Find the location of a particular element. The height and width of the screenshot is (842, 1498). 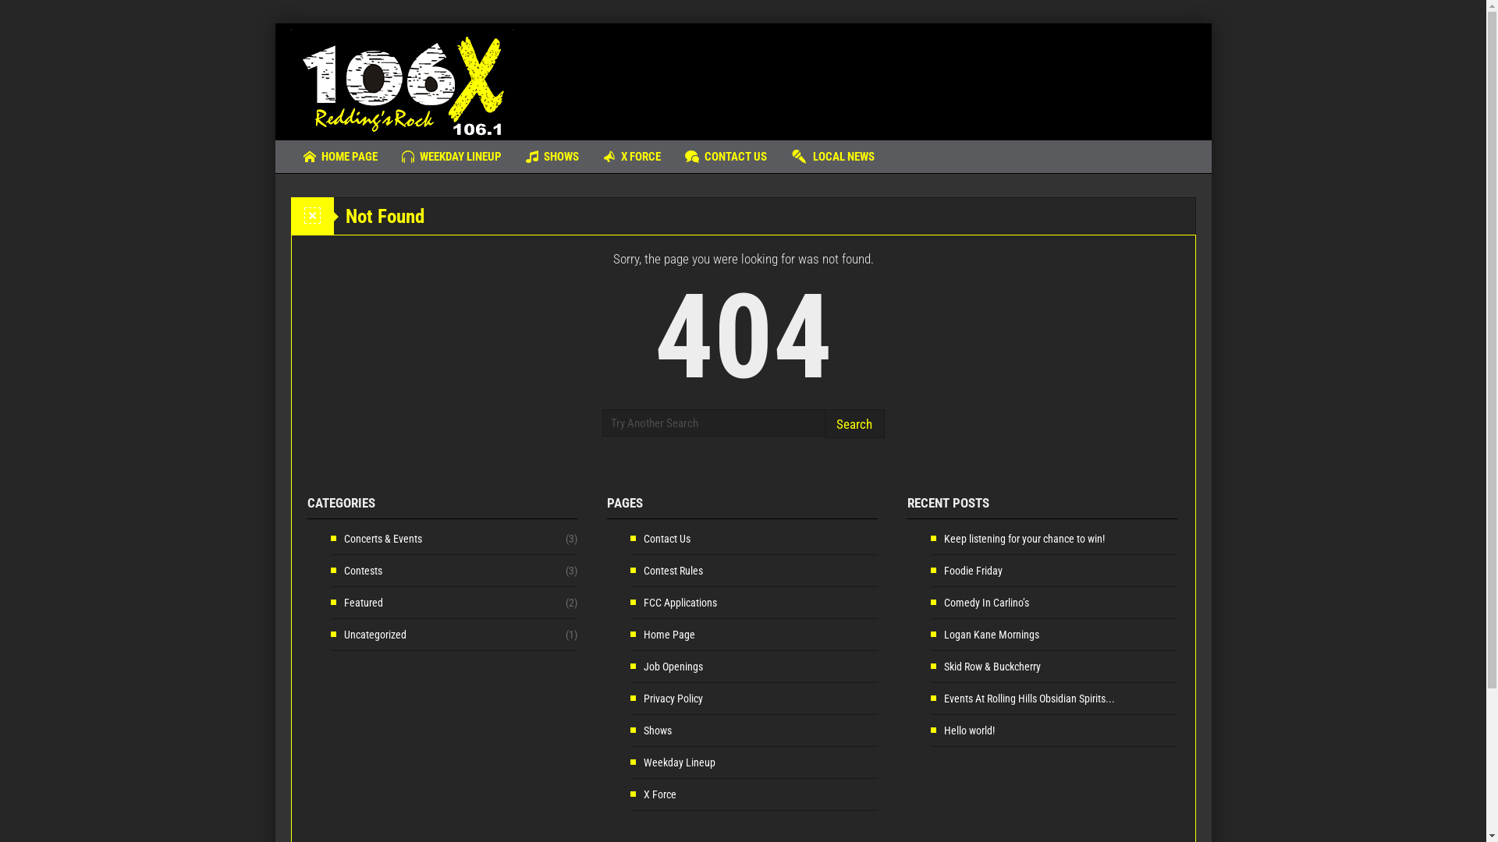

'Events At Rolling Hills Obsidian Spirits...' is located at coordinates (1022, 697).